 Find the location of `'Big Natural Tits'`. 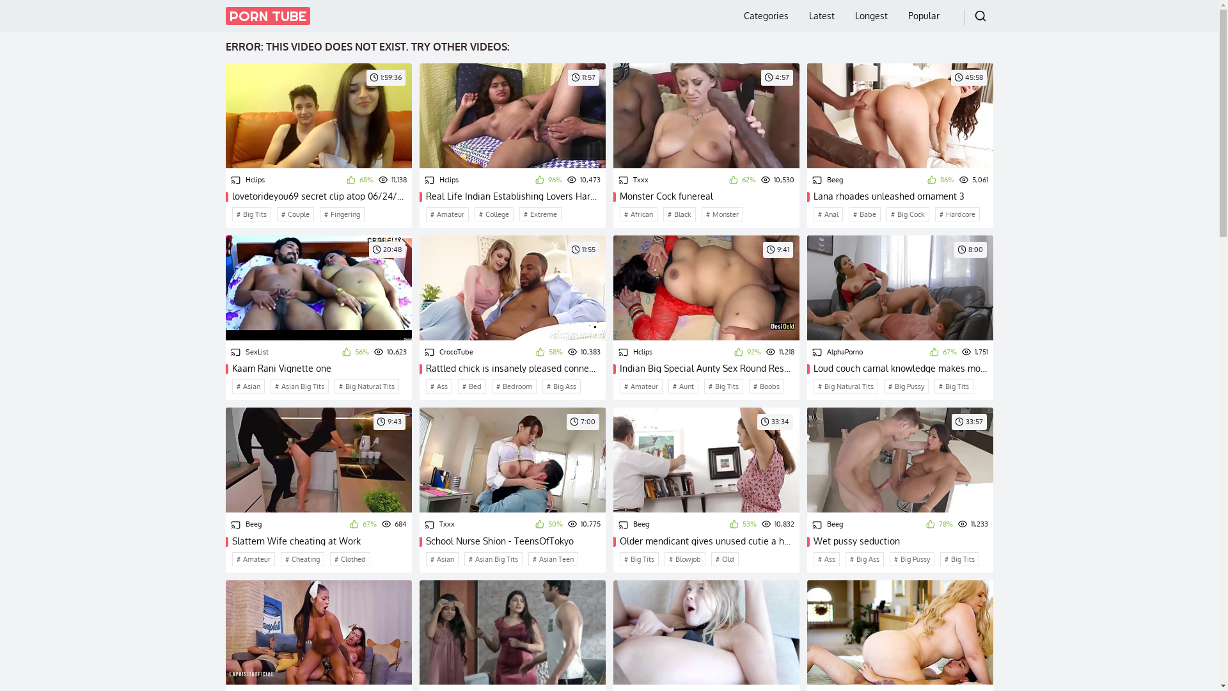

'Big Natural Tits' is located at coordinates (365, 386).